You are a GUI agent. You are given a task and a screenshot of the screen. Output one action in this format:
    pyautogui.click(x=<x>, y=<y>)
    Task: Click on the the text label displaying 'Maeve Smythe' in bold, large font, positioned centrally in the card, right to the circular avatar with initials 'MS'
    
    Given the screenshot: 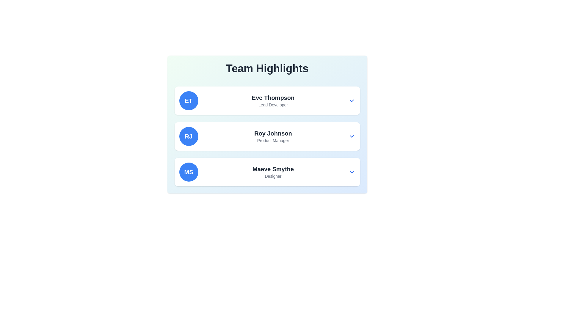 What is the action you would take?
    pyautogui.click(x=273, y=169)
    